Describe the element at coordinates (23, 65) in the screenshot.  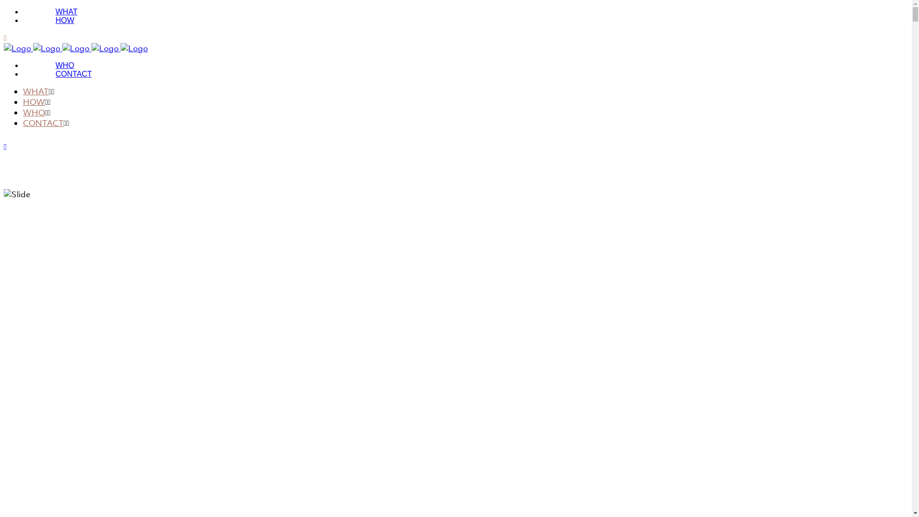
I see `'WHO'` at that location.